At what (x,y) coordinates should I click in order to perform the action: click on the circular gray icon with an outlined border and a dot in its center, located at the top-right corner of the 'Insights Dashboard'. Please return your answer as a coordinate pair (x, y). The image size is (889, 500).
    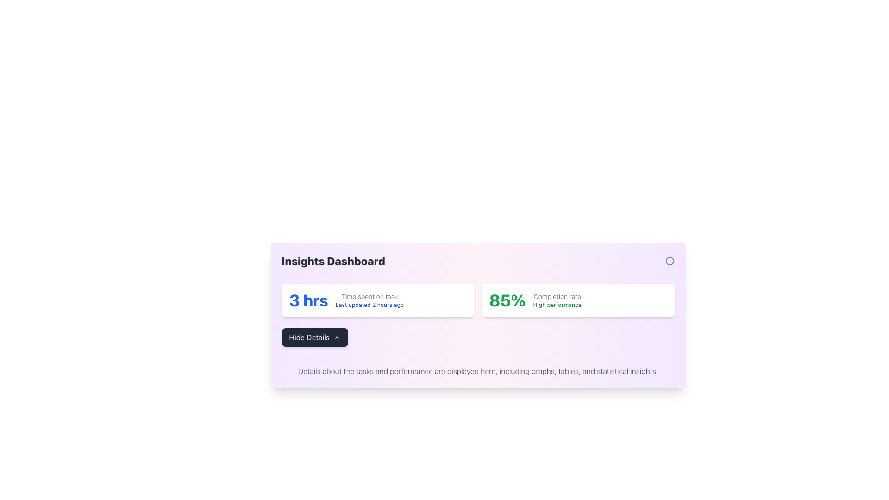
    Looking at the image, I should click on (670, 261).